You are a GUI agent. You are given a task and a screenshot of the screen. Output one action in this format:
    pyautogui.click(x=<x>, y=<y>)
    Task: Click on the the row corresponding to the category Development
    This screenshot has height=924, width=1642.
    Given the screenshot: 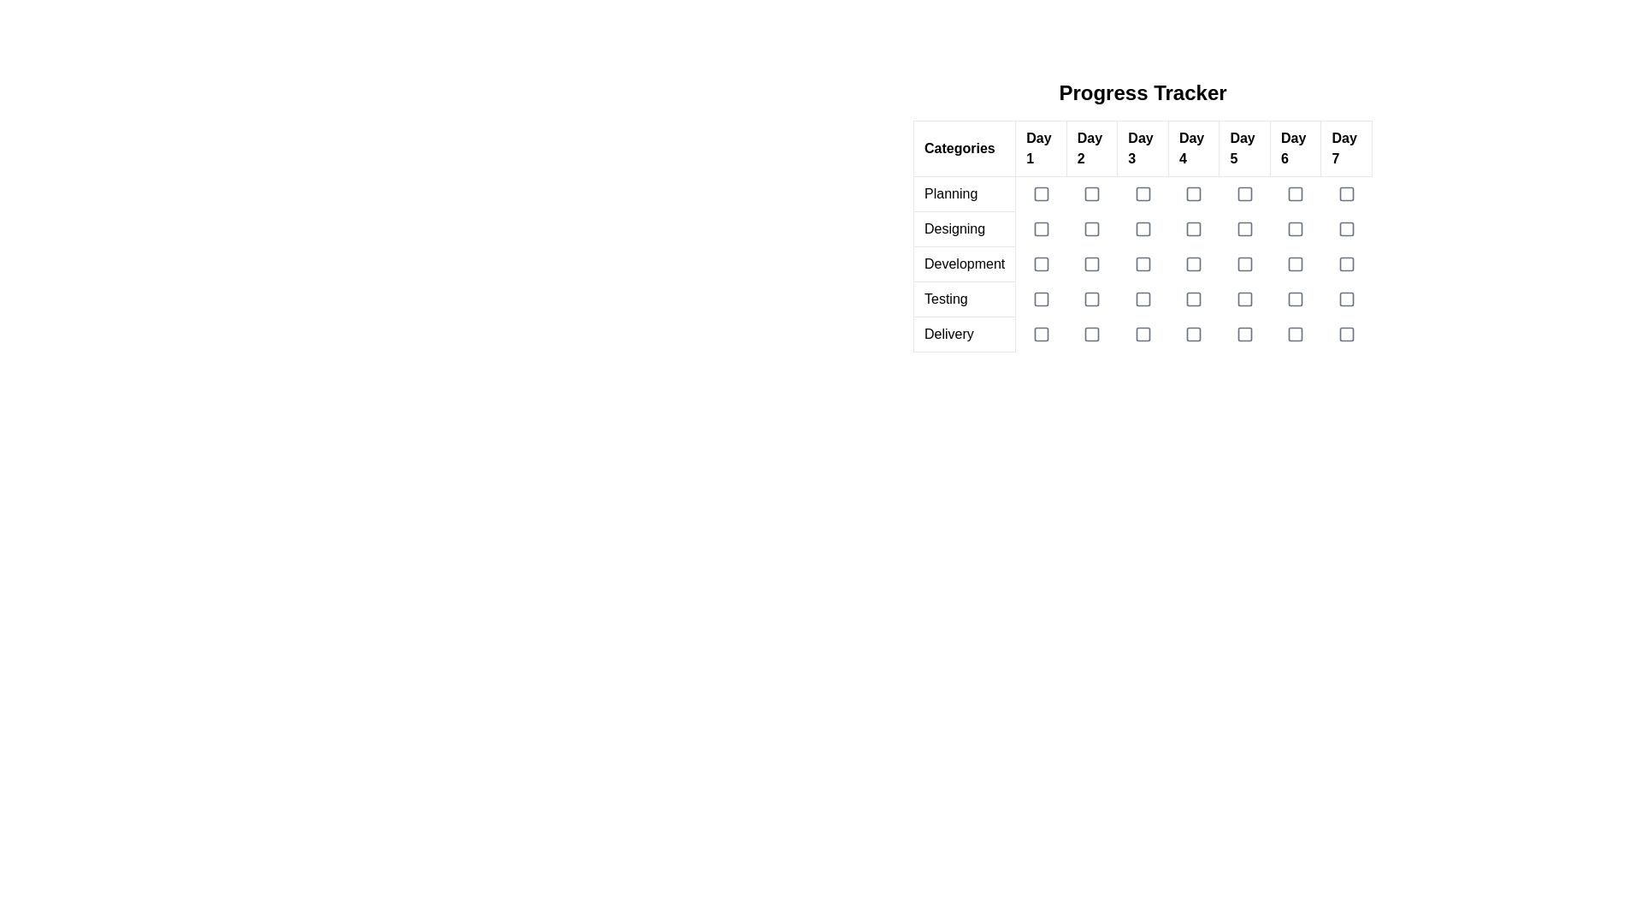 What is the action you would take?
    pyautogui.click(x=1143, y=264)
    